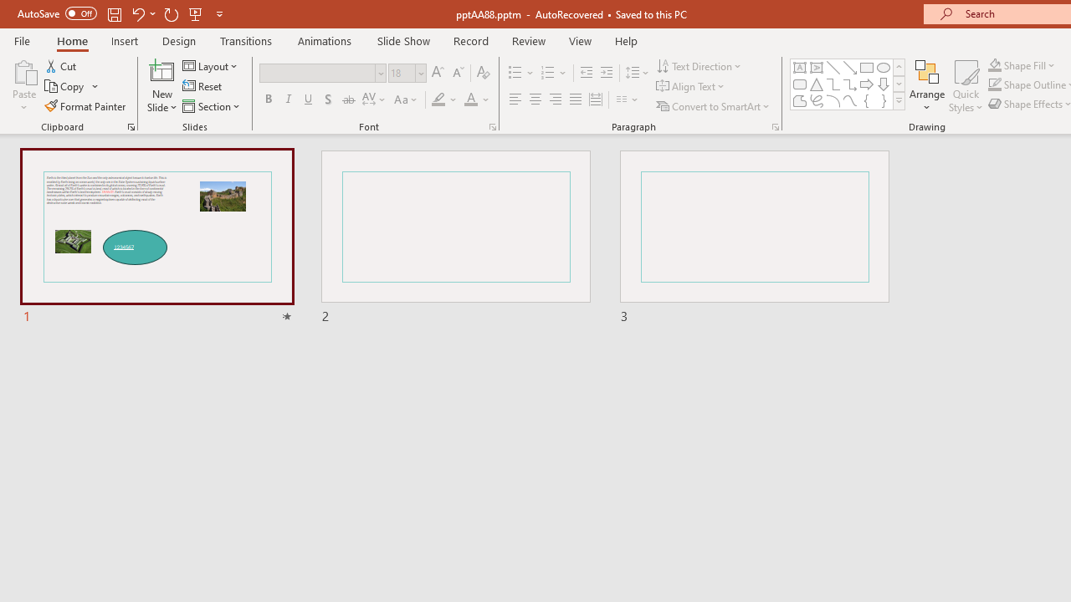 The width and height of the screenshot is (1071, 602). I want to click on 'Font...', so click(491, 125).